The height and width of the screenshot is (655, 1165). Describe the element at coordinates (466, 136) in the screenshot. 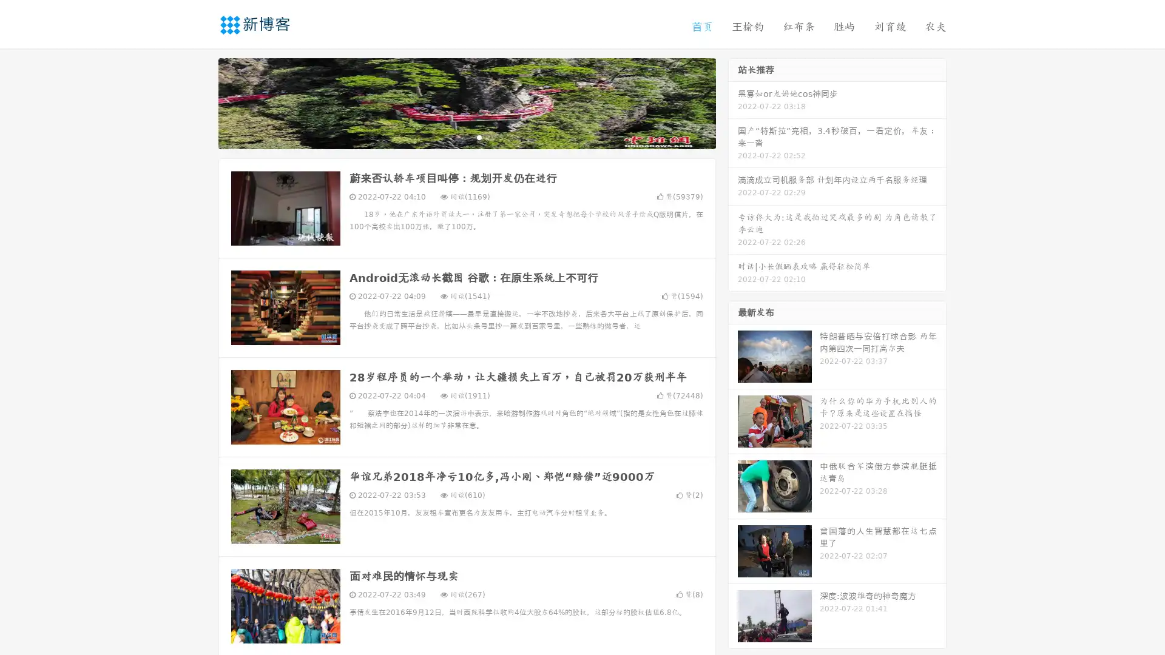

I see `Go to slide 2` at that location.